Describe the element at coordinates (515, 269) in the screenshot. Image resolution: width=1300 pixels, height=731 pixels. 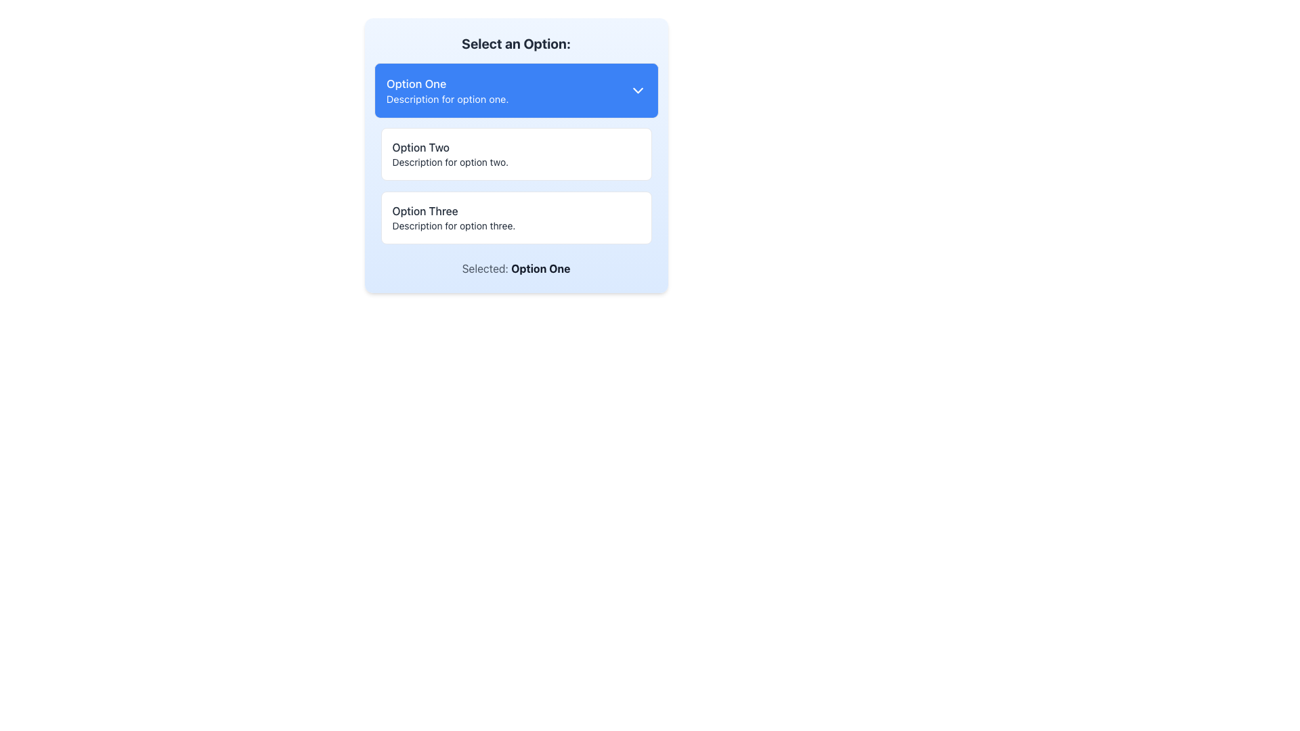
I see `the label that indicates the currently selected option from the list of 'Option One,' 'Option Two,' and 'Option Three.'` at that location.